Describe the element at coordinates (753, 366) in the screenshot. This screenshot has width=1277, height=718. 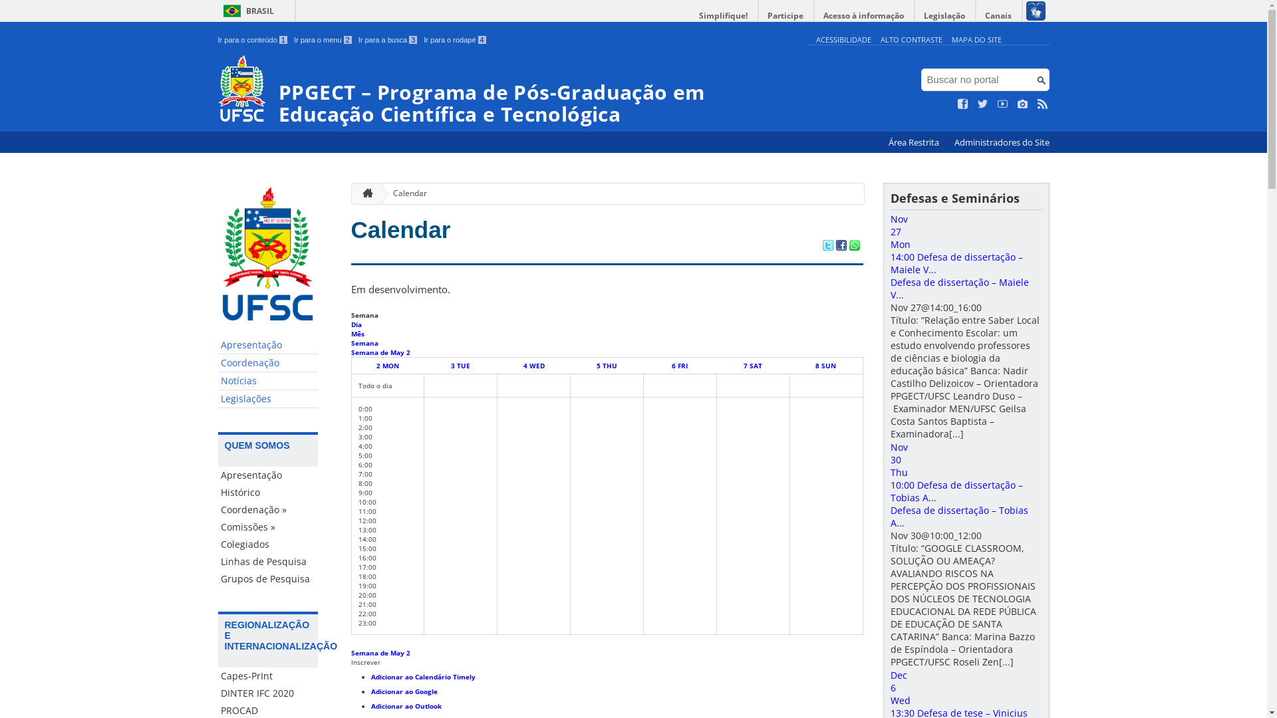
I see `'7 SAT'` at that location.